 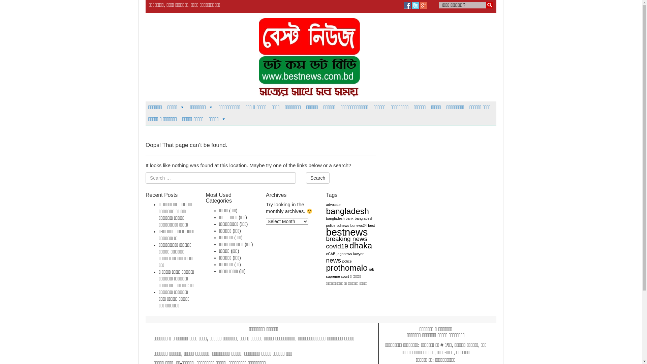 What do you see at coordinates (344, 253) in the screenshot?
I see `'jagonews'` at bounding box center [344, 253].